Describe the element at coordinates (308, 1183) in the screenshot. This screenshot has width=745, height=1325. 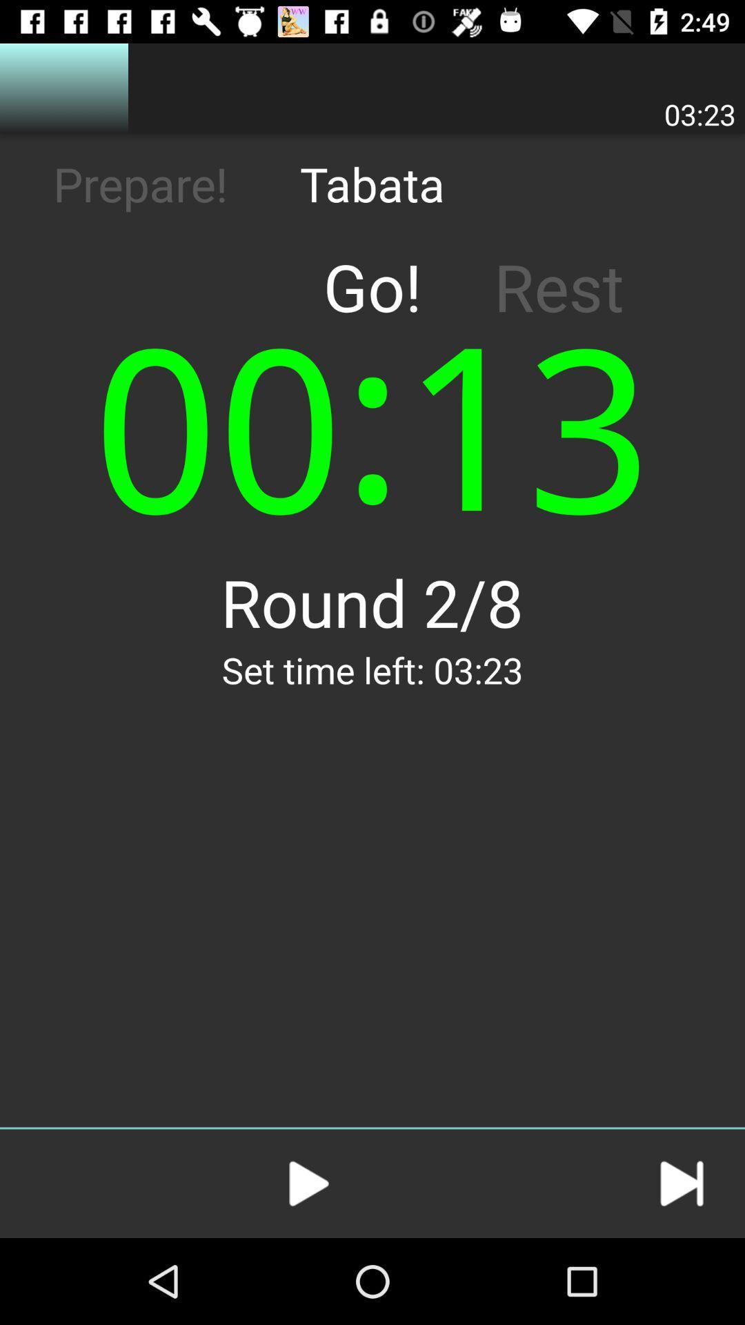
I see `play` at that location.